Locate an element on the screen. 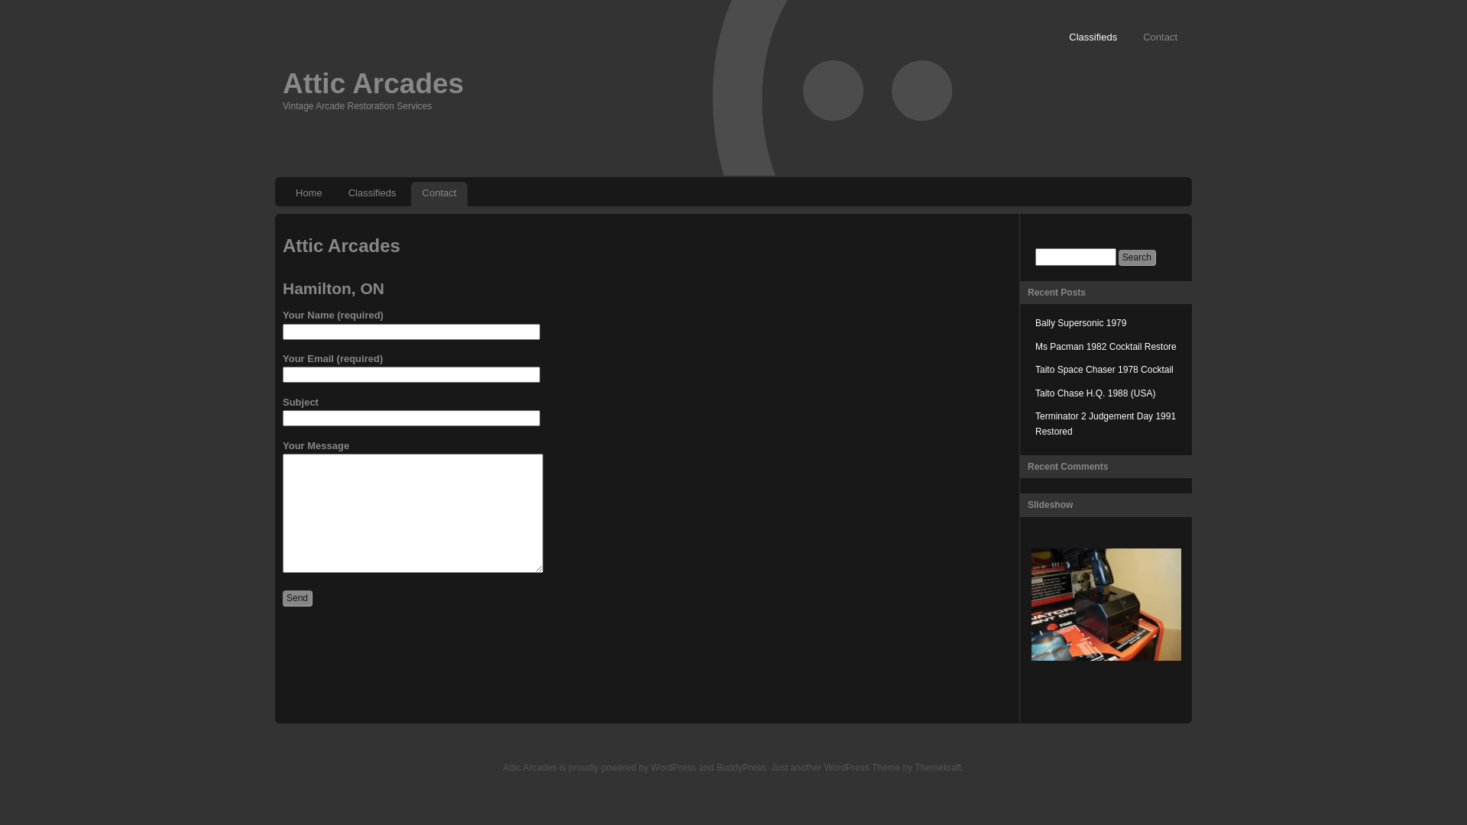 This screenshot has height=825, width=1467. 'Home' is located at coordinates (284, 193).